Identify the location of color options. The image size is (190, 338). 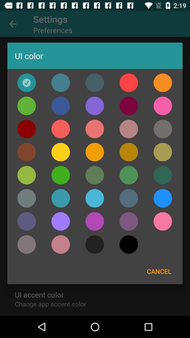
(163, 129).